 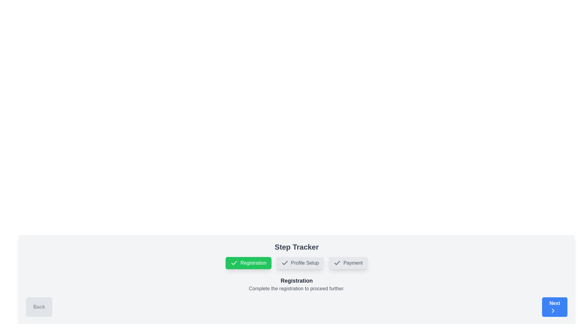 What do you see at coordinates (249, 262) in the screenshot?
I see `the active 'Registration' step button in the step tracker` at bounding box center [249, 262].